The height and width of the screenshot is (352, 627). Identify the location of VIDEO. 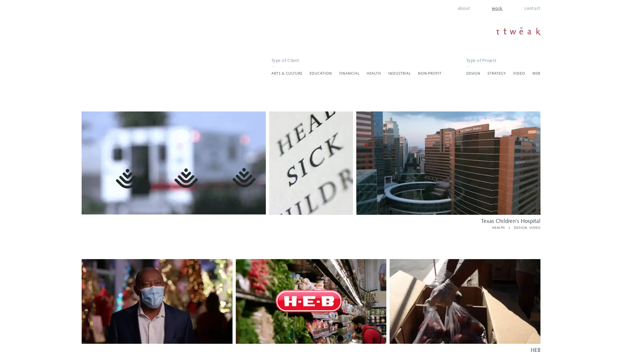
(519, 73).